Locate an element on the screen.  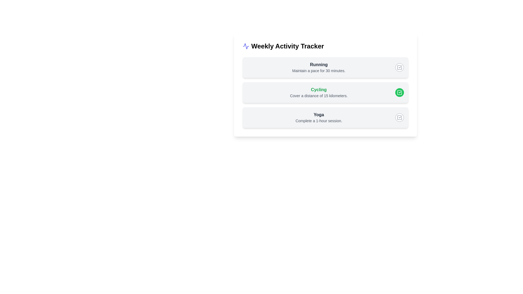
the graphical icon resembling an activity waveform, which is located to the left of the 'Weekly Activity Tracker' title at the top of the card is located at coordinates (245, 46).